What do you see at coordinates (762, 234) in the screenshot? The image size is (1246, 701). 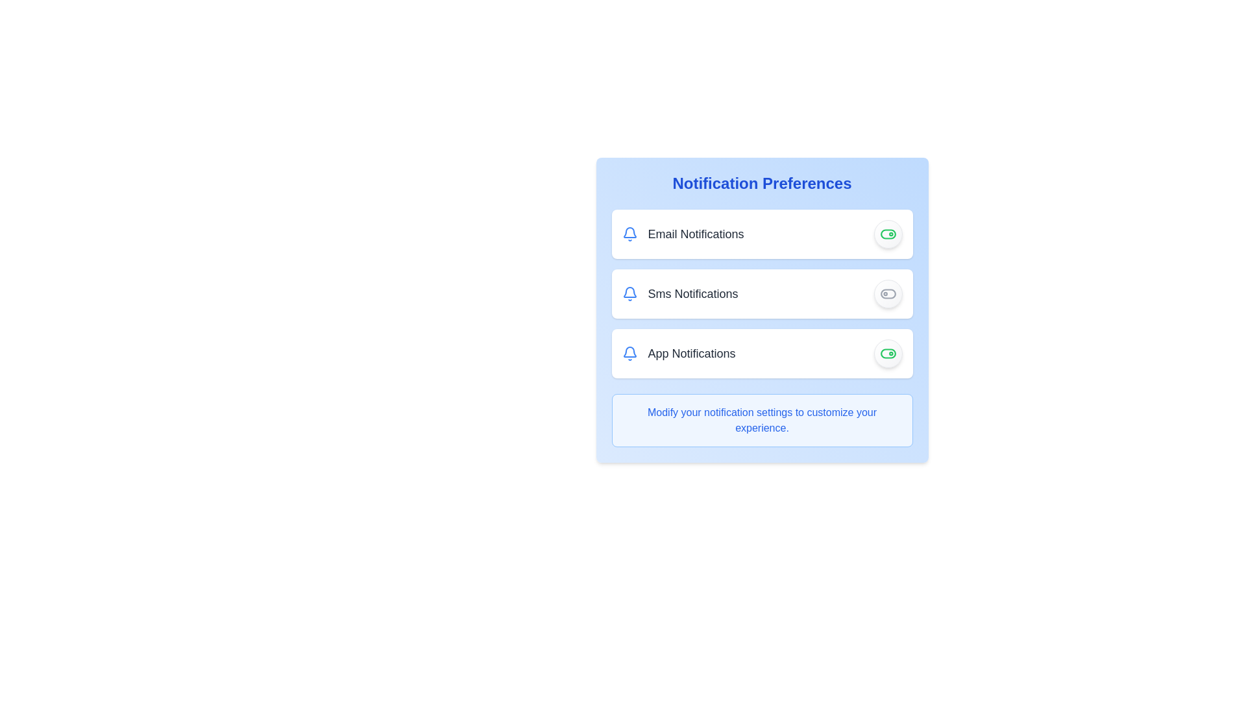 I see `the toggle switch in the first card of the 'Notification Preferences' section` at bounding box center [762, 234].